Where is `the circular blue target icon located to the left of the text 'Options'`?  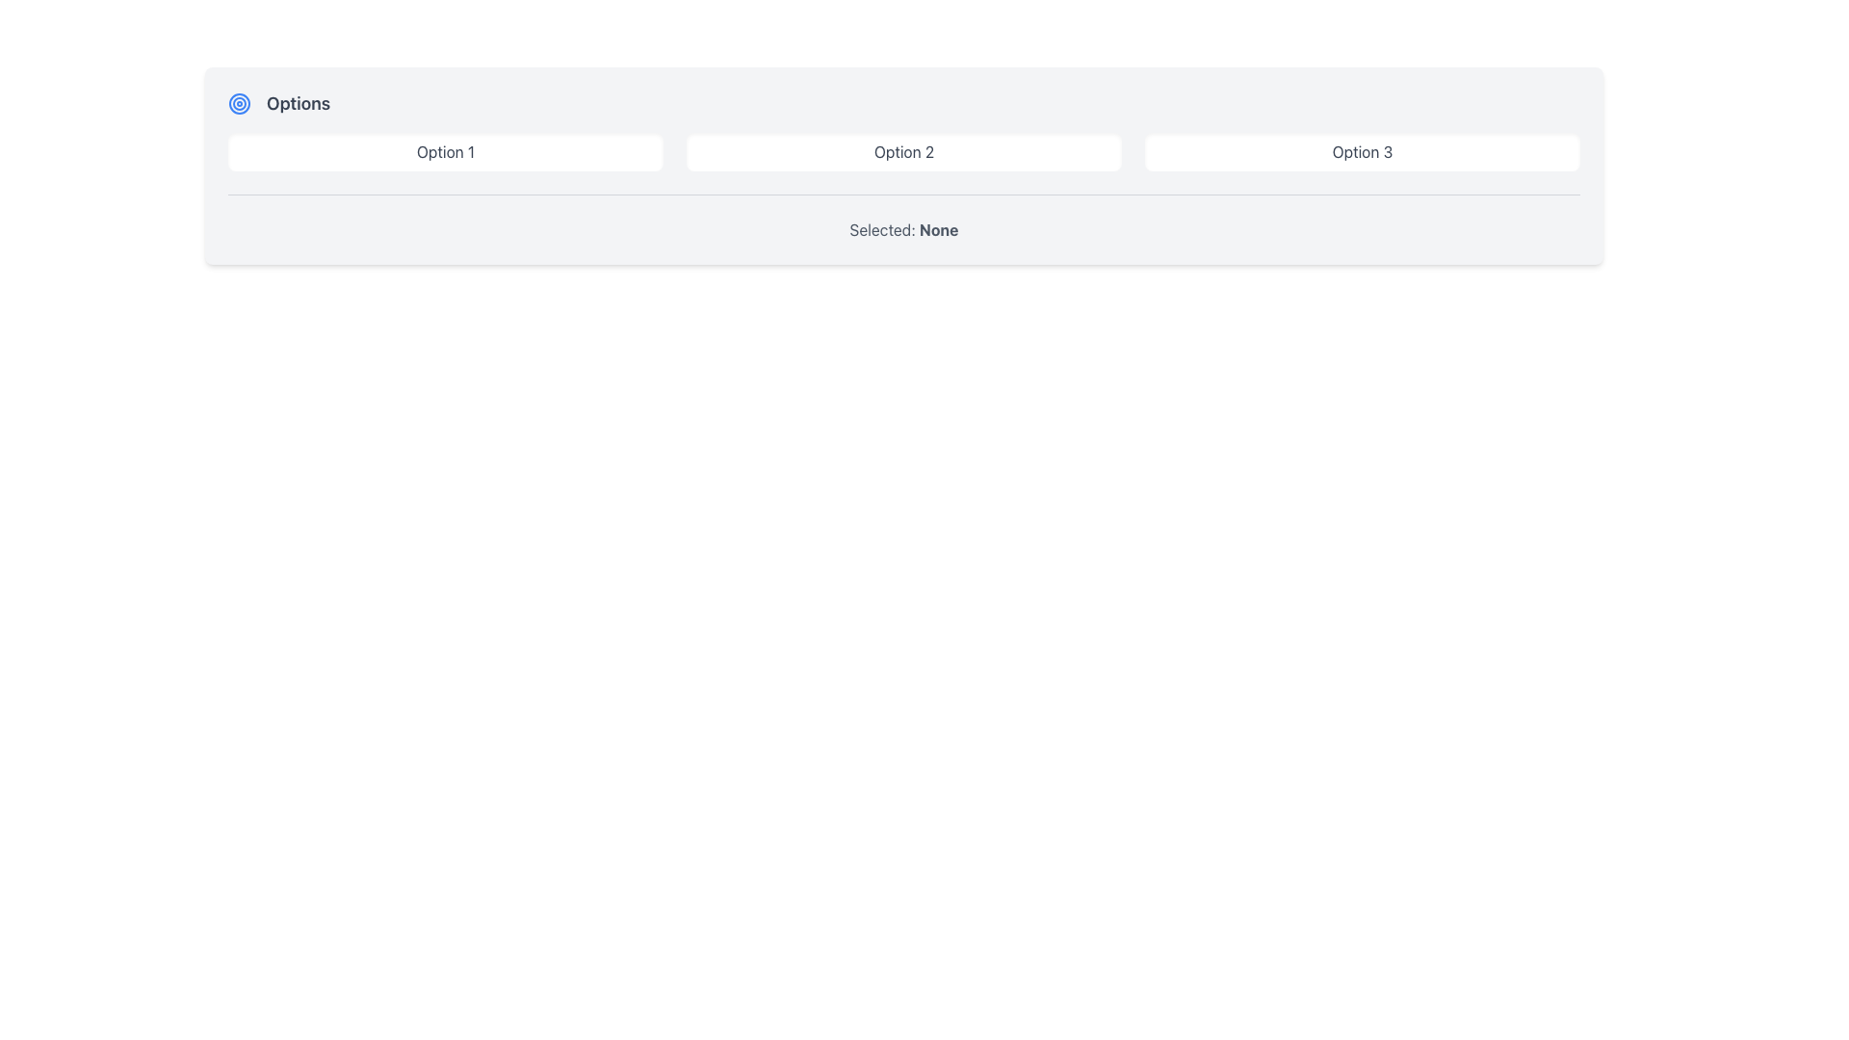 the circular blue target icon located to the left of the text 'Options' is located at coordinates (239, 104).